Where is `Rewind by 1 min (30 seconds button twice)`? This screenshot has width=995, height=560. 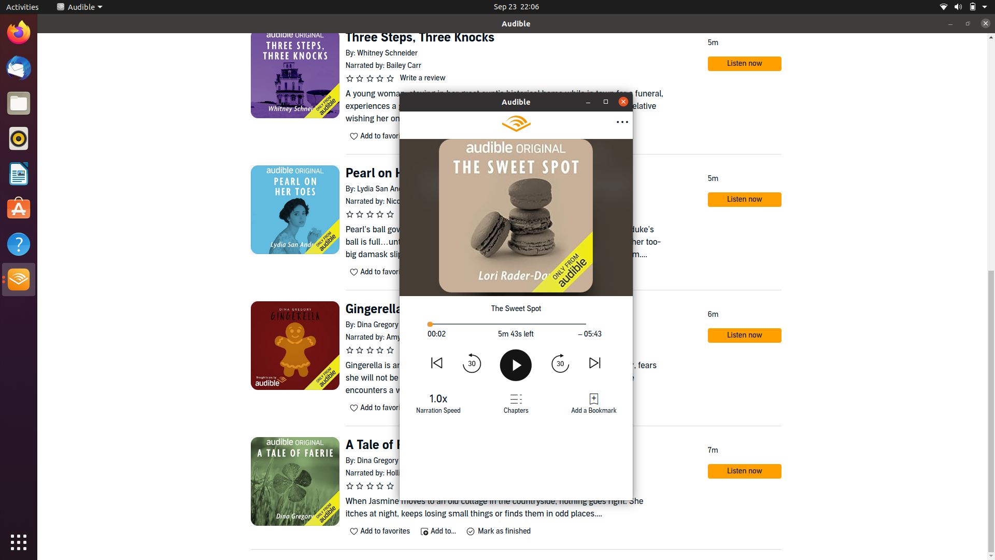
Rewind by 1 min (30 seconds button twice) is located at coordinates (472, 362).